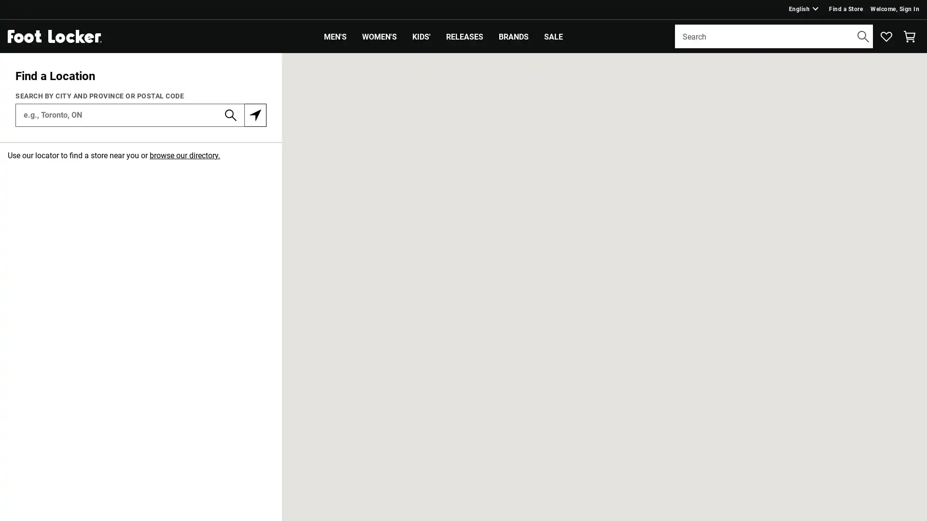 The width and height of the screenshot is (927, 521). I want to click on Geolocate., so click(255, 113).